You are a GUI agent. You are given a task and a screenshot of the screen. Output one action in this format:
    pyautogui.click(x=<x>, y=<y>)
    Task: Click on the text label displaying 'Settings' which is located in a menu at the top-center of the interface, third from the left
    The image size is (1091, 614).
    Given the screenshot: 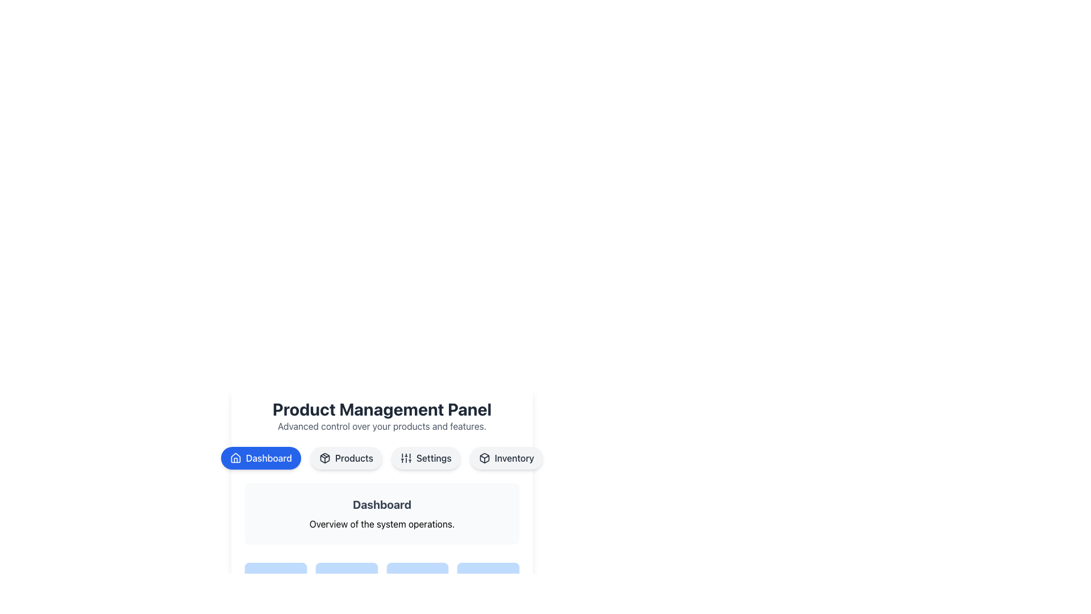 What is the action you would take?
    pyautogui.click(x=433, y=458)
    